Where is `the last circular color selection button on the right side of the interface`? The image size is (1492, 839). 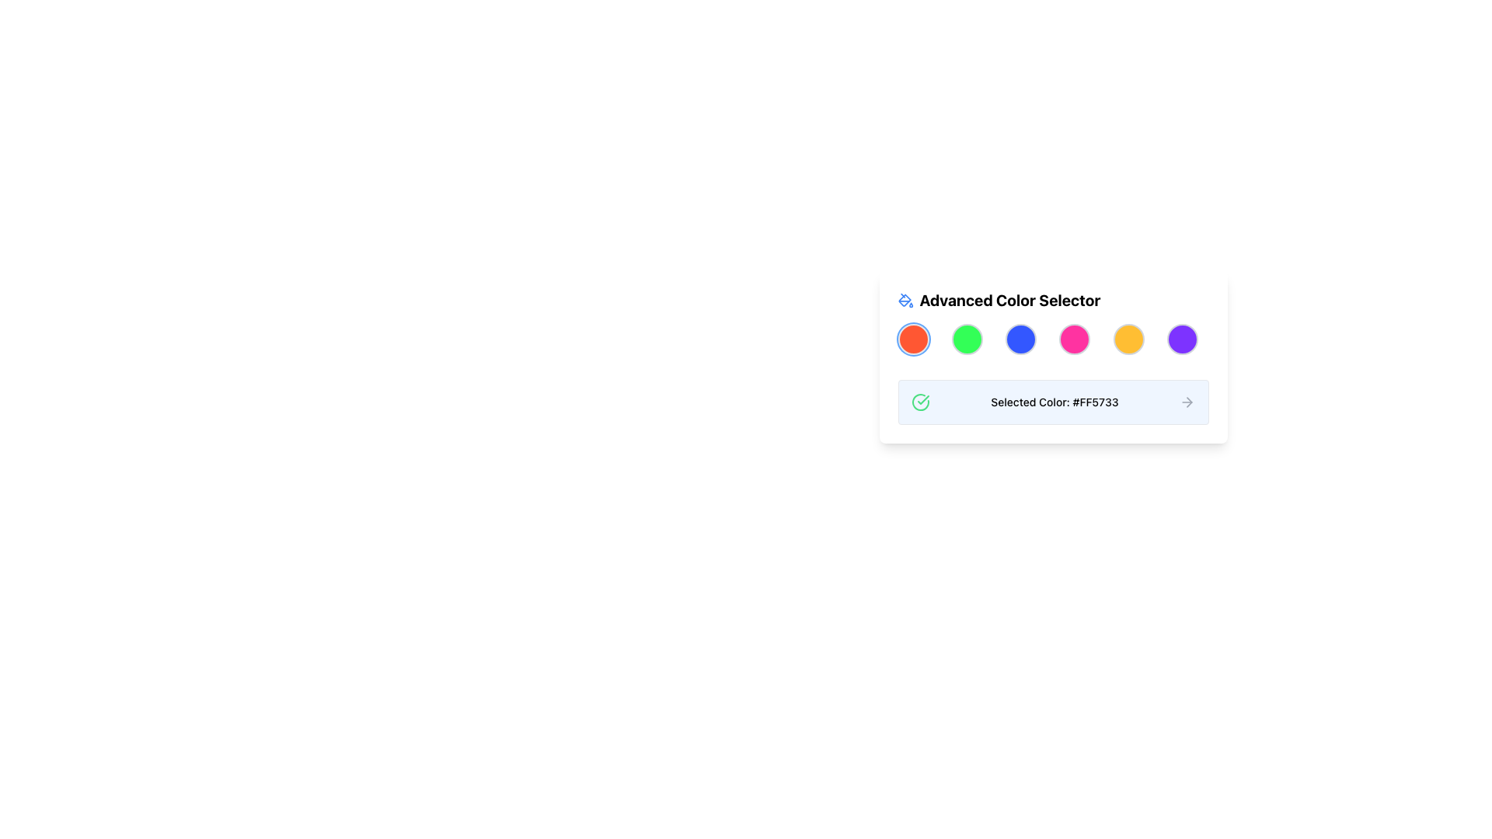 the last circular color selection button on the right side of the interface is located at coordinates (1182, 338).